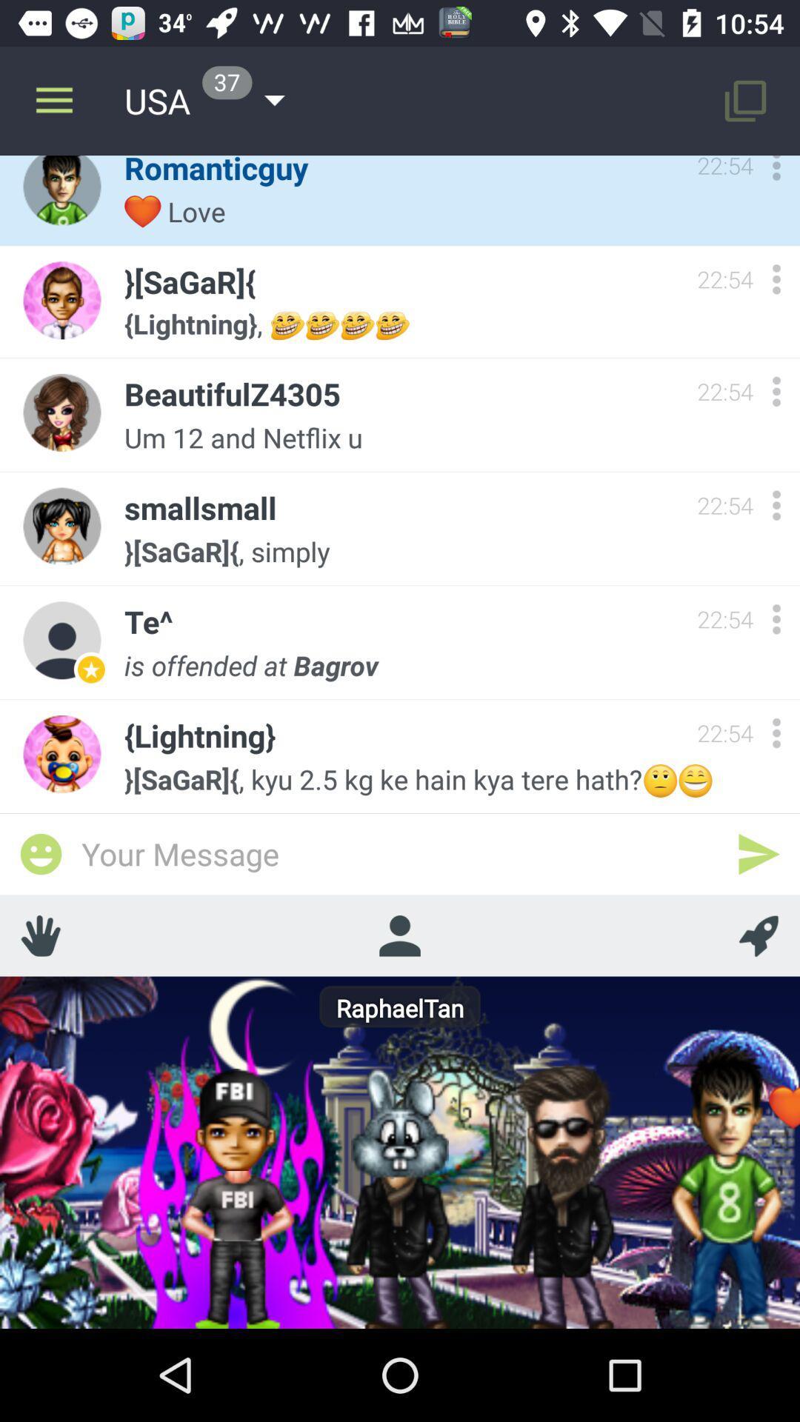 The height and width of the screenshot is (1422, 800). What do you see at coordinates (400, 853) in the screenshot?
I see `field to enter message` at bounding box center [400, 853].